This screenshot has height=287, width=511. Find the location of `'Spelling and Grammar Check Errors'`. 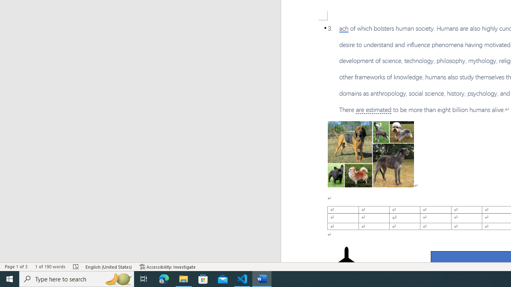

'Spelling and Grammar Check Errors' is located at coordinates (76, 267).